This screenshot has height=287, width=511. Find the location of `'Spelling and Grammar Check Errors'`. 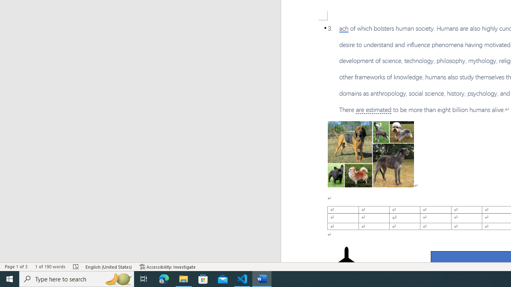

'Spelling and Grammar Check Errors' is located at coordinates (76, 267).